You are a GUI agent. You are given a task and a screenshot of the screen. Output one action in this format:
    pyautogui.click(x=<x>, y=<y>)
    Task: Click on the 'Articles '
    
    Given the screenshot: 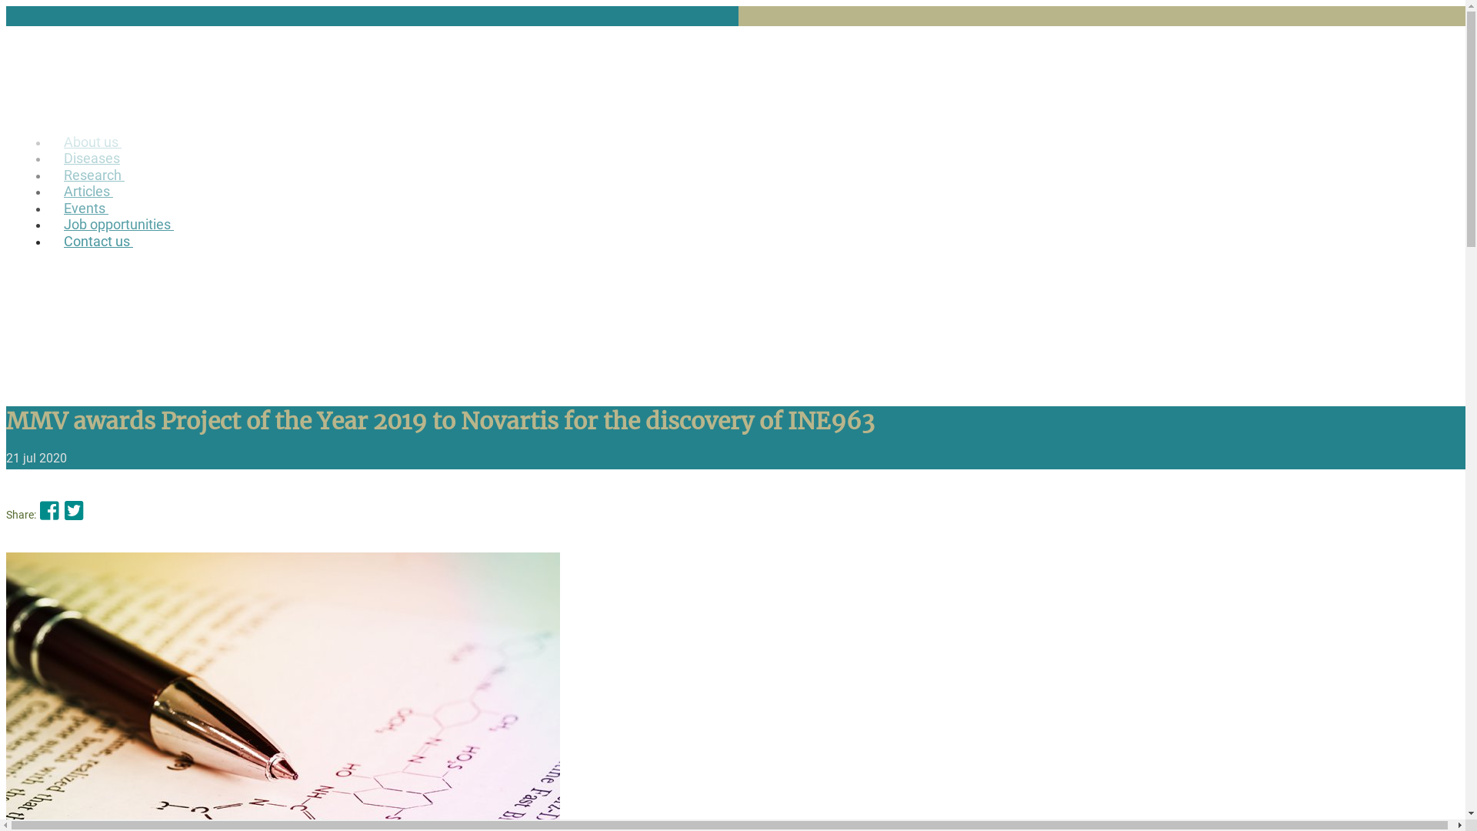 What is the action you would take?
    pyautogui.click(x=48, y=191)
    